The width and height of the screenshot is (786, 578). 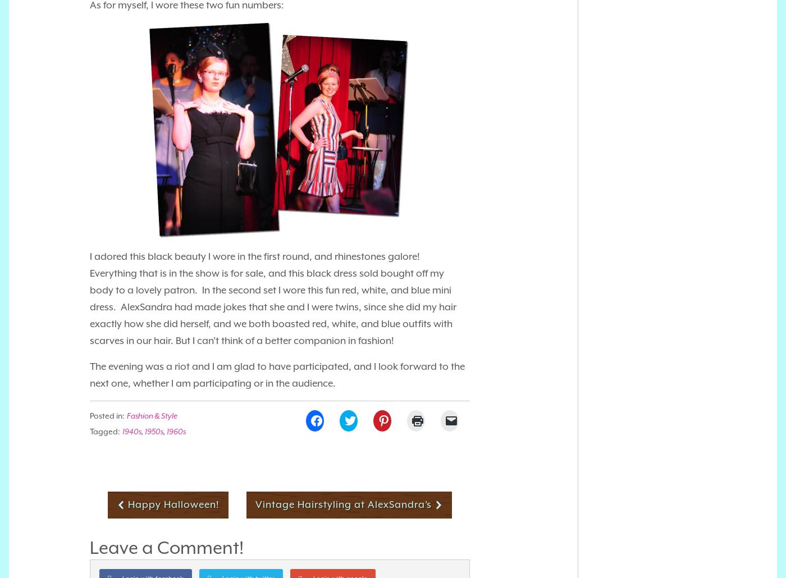 I want to click on 'Tagged:', so click(x=105, y=430).